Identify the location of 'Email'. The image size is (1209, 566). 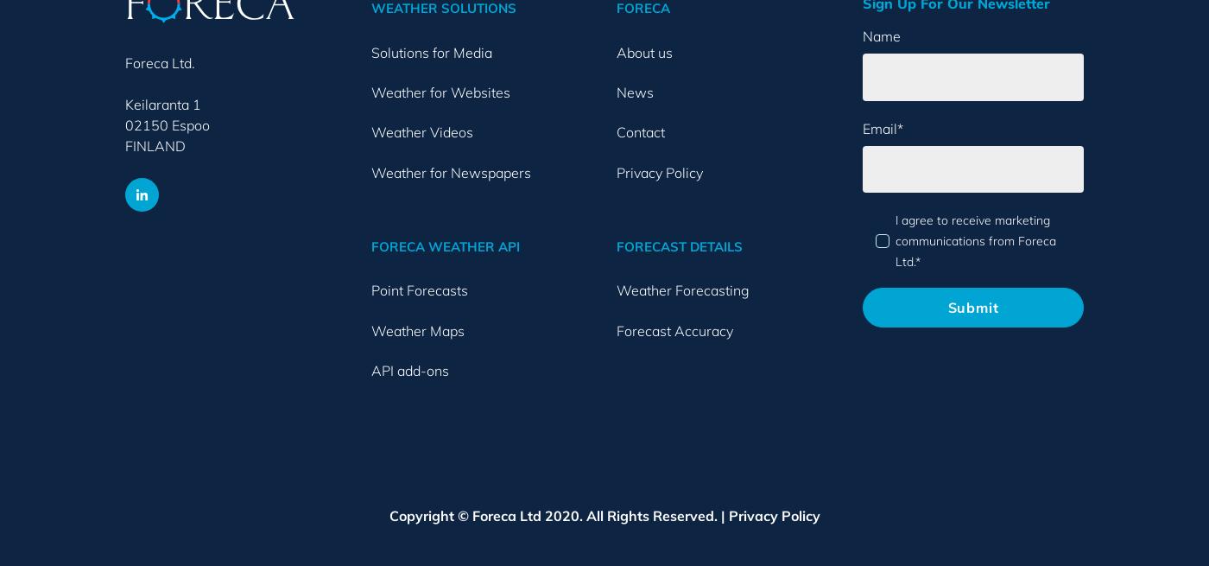
(878, 127).